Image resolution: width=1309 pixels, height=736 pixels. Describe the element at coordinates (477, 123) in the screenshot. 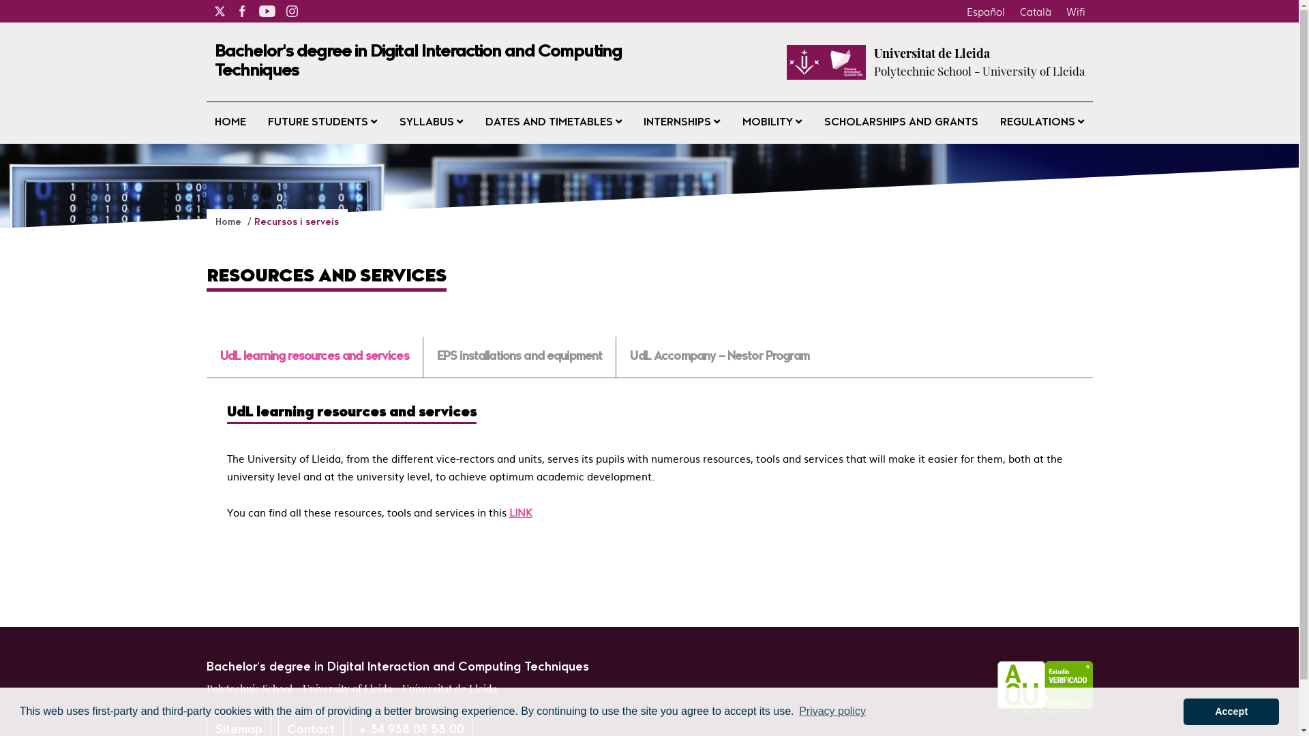

I see `'DATES AND TIMETABLES'` at that location.